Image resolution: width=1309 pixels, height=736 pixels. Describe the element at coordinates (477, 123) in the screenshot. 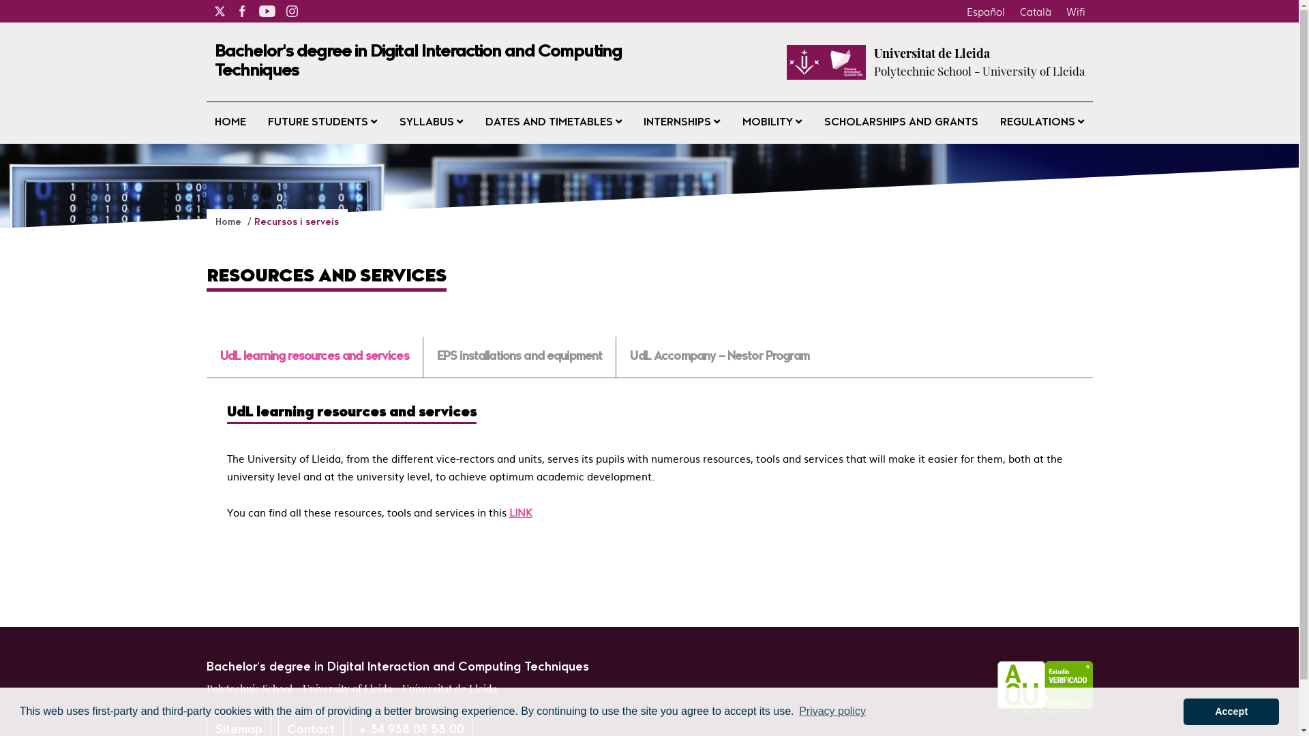

I see `'DATES AND TIMETABLES'` at that location.